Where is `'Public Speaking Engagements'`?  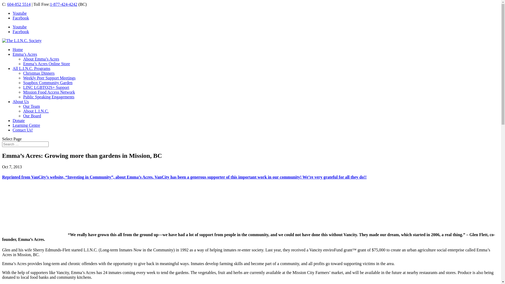
'Public Speaking Engagements' is located at coordinates (49, 97).